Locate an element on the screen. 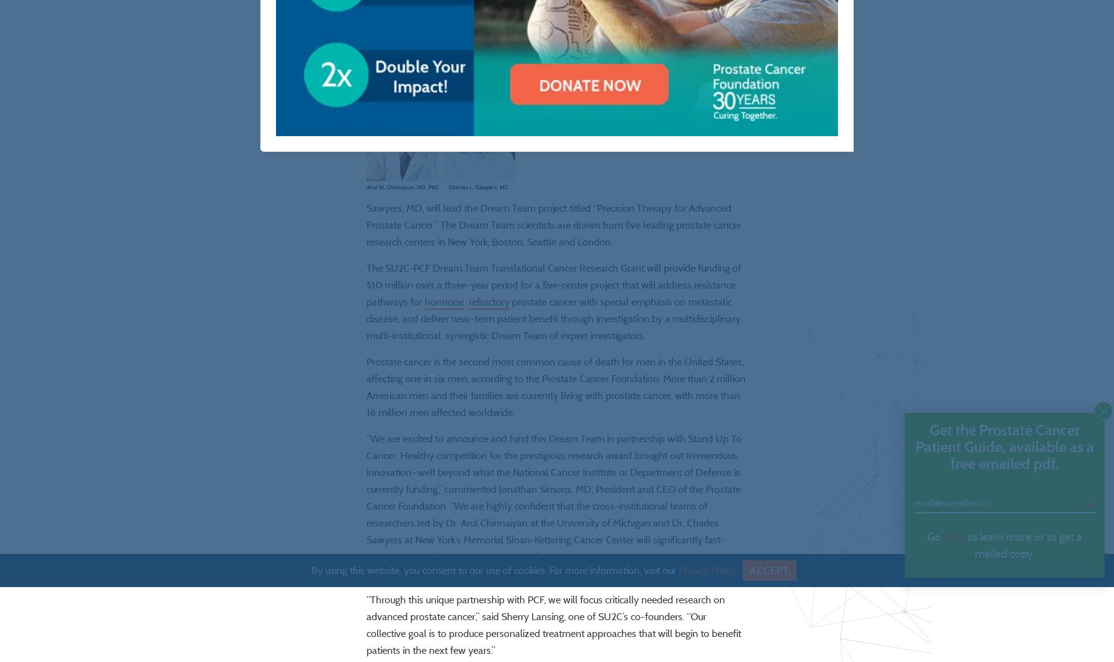 The height and width of the screenshot is (662, 1114). '“We are excited to announce and fund this Dream Team in partnership with Stand Up To Cancer. Healthy competition for the prestigious research award brought out tremendous innovation—well beyond what the National Cancer Institute or Department of Defense is currently funding,” commented Jonathan Simons, MD, President and CEO of the Prostate Cancer Foundation. “We are highly confident that the cross-institutional teams of researchers led by Dr. Arul Chinnaiyan at the University of Michigan and Dr. Charles Sawyers at New York’s Memorial Sloan-Kettering Cancer Center will significantly fast-forward actionable therapeutic sciences for men with metastatic, treatment-resistant prostate cancer.”' is located at coordinates (553, 541).